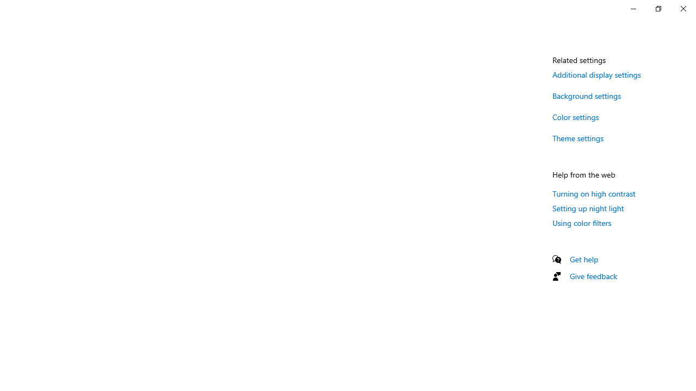  Describe the element at coordinates (593, 275) in the screenshot. I see `'Give feedback'` at that location.